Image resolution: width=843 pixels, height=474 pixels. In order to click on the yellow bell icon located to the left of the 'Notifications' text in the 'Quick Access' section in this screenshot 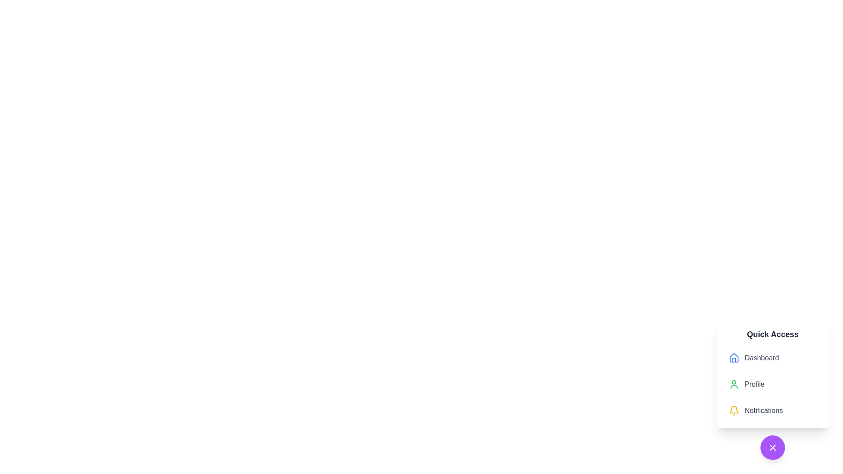, I will do `click(734, 411)`.